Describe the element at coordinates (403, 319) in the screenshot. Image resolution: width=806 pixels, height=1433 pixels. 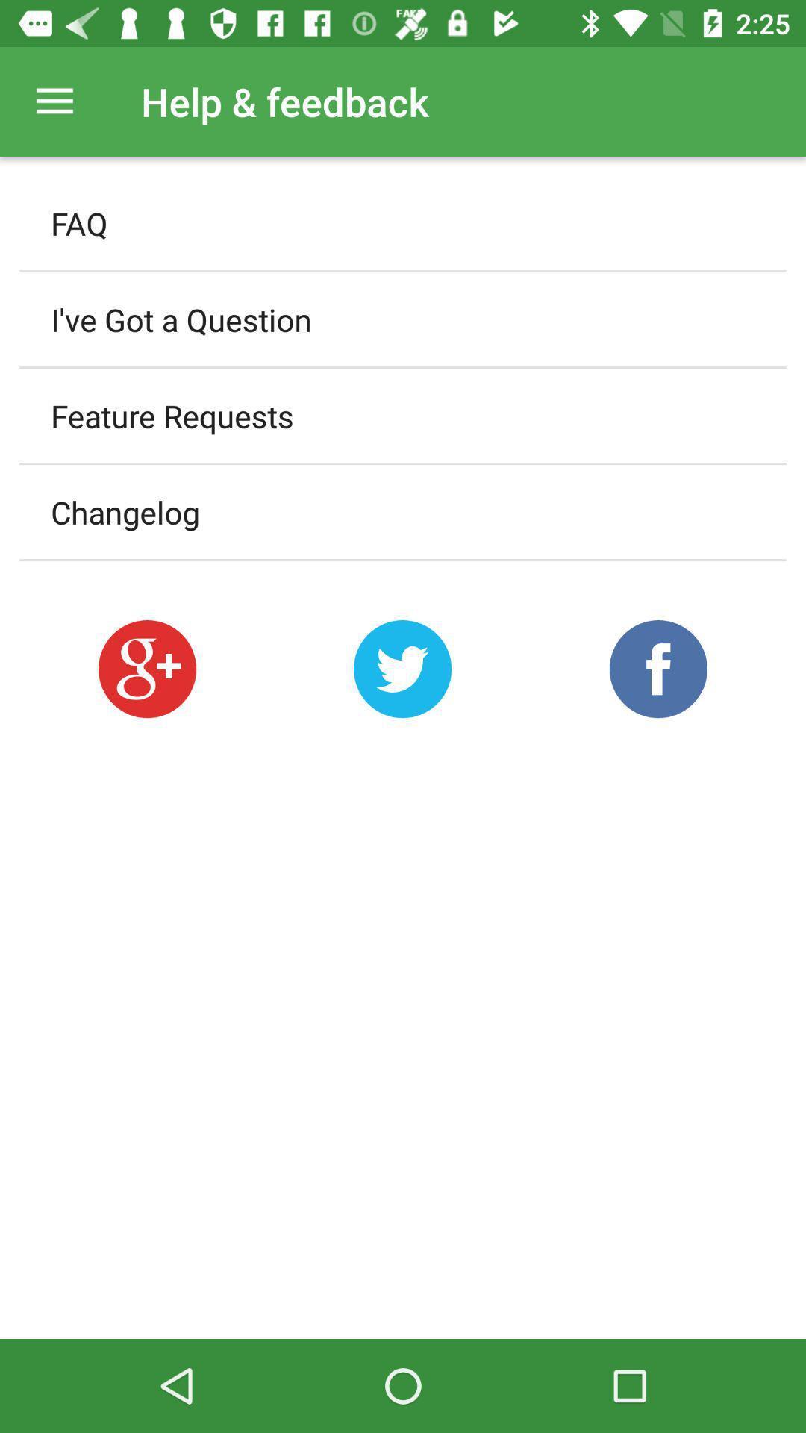
I see `item above feature requests` at that location.